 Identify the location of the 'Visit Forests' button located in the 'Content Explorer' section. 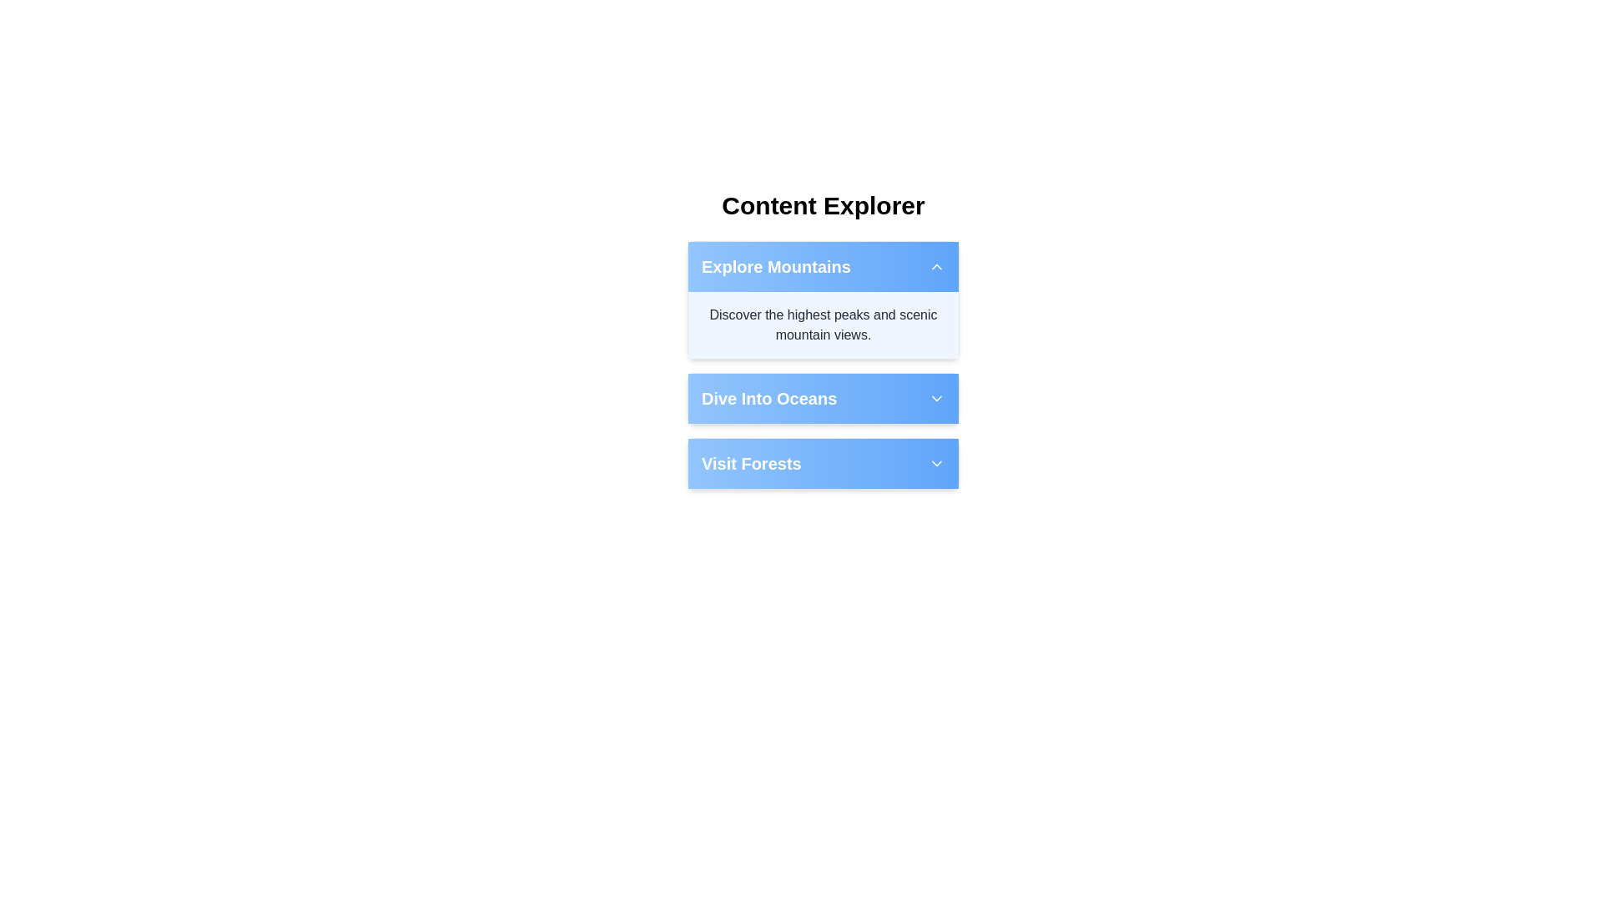
(824, 463).